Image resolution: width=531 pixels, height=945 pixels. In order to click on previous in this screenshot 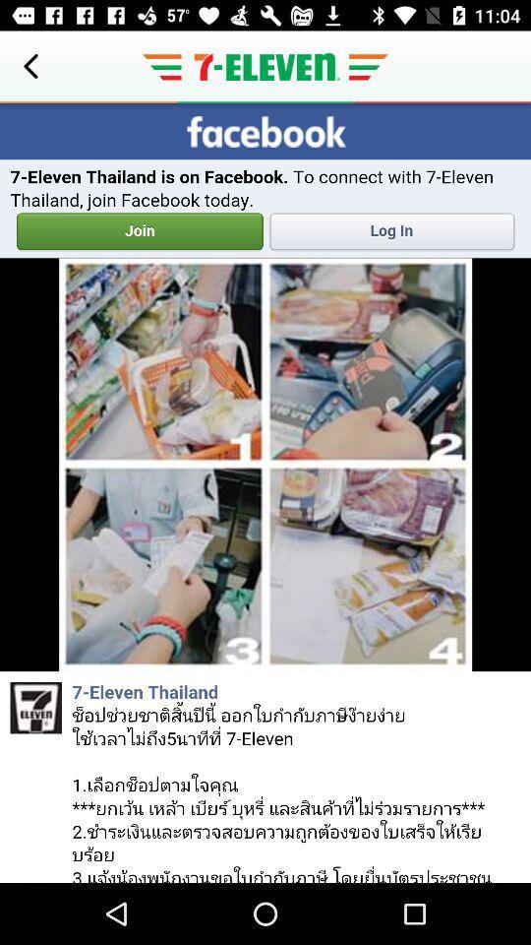, I will do `click(29, 67)`.